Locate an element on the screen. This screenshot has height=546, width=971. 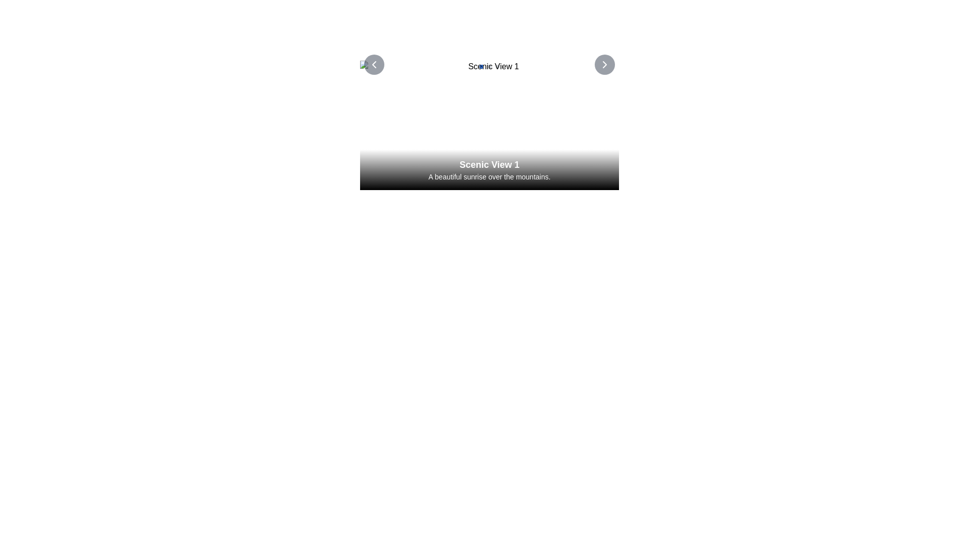
the circular button with a left-facing chevron icon labeled 'Scenic View 1' is located at coordinates (373, 64).